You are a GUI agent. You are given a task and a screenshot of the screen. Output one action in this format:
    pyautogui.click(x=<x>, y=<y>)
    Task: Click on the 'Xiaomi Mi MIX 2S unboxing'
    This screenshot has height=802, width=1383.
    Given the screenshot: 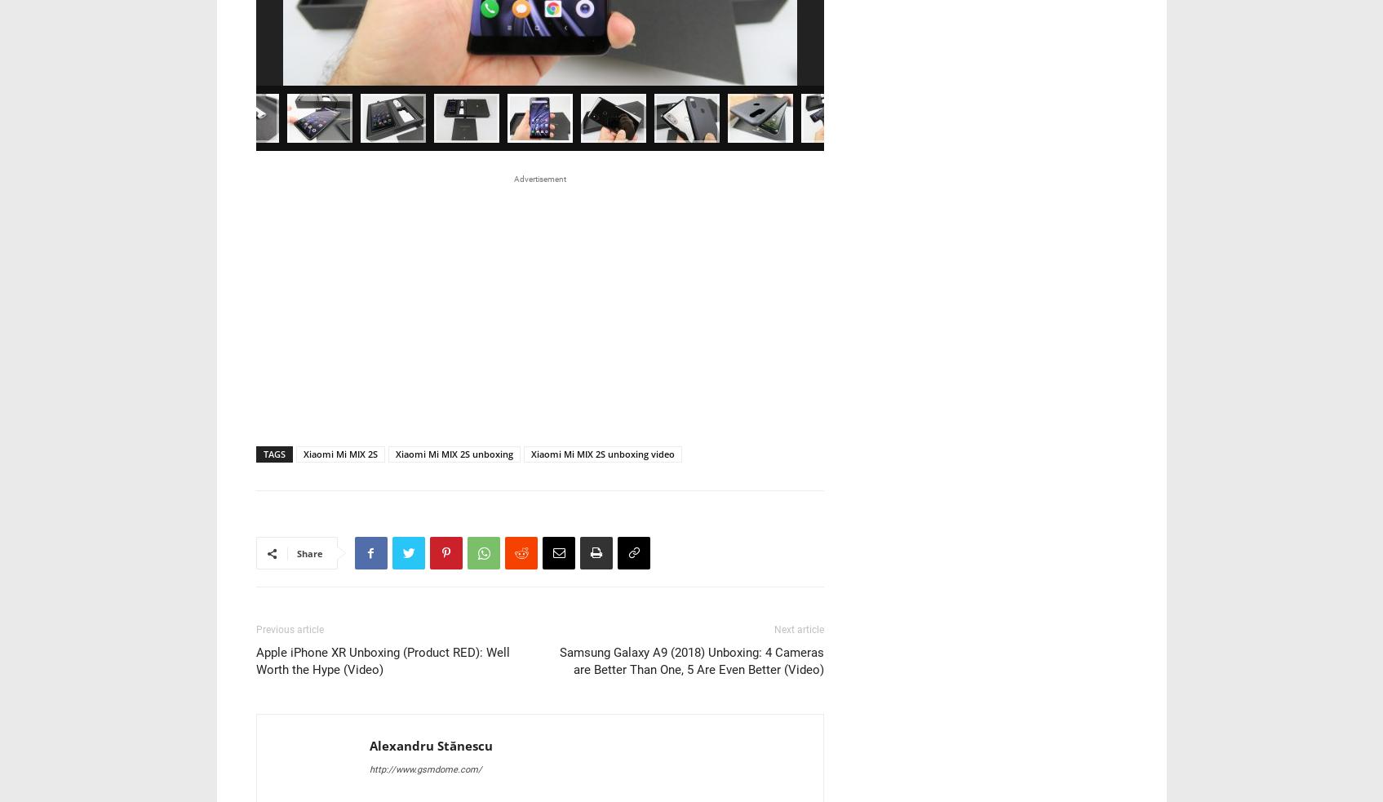 What is the action you would take?
    pyautogui.click(x=453, y=229)
    